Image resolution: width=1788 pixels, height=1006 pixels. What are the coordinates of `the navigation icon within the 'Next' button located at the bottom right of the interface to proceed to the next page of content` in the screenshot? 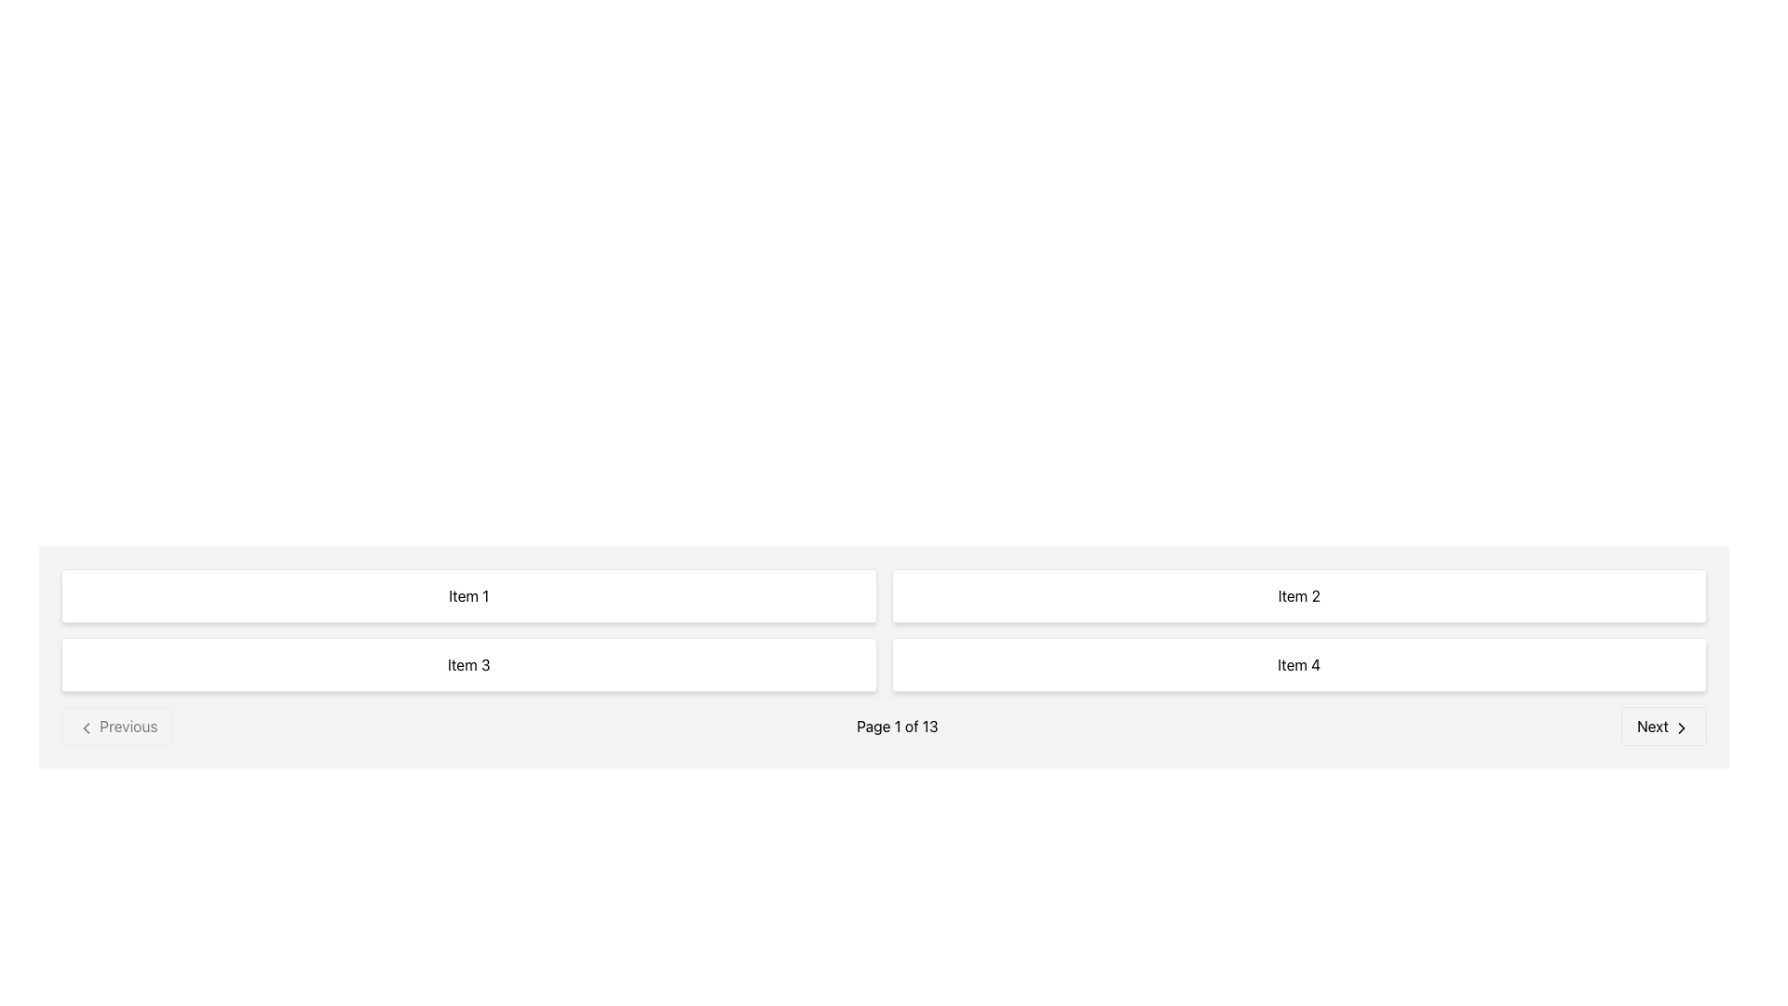 It's located at (1681, 726).